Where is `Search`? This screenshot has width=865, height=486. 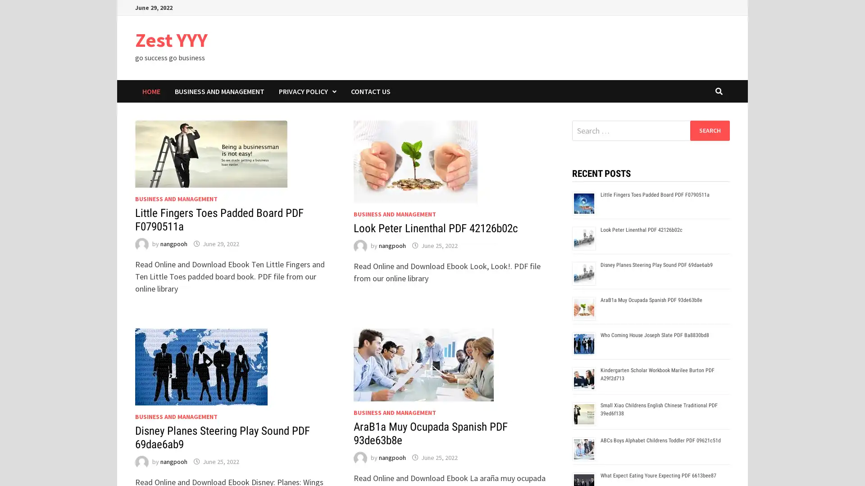
Search is located at coordinates (709, 130).